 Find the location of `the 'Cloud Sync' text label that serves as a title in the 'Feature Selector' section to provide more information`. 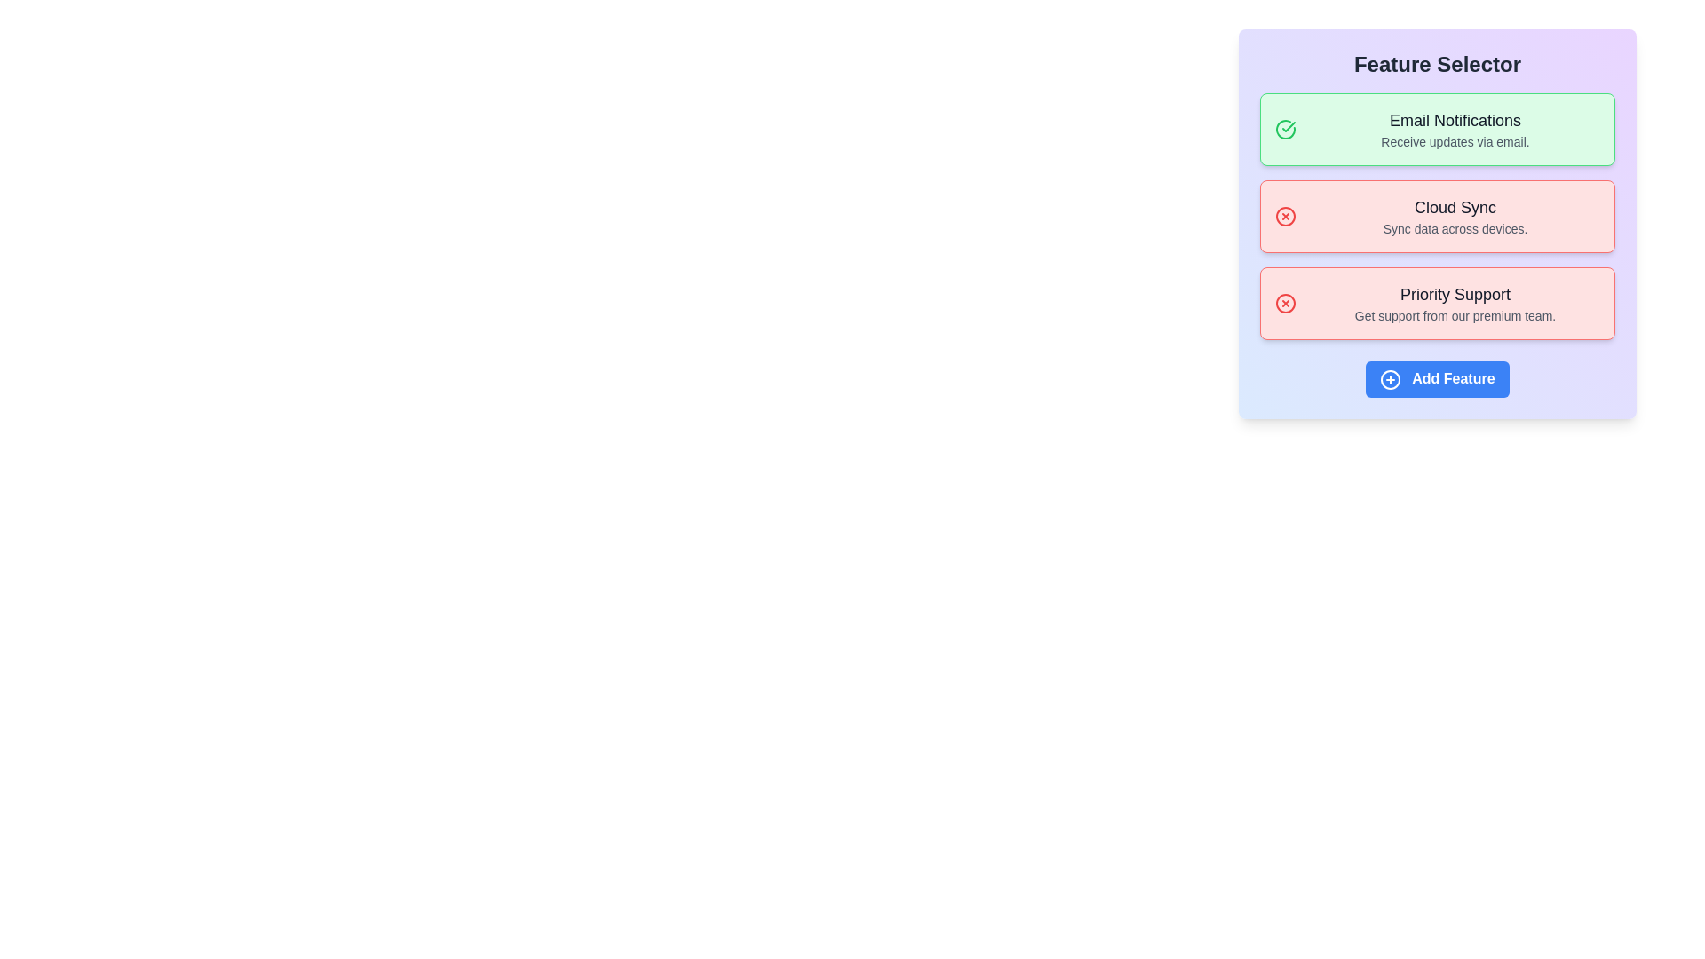

the 'Cloud Sync' text label that serves as a title in the 'Feature Selector' section to provide more information is located at coordinates (1455, 207).